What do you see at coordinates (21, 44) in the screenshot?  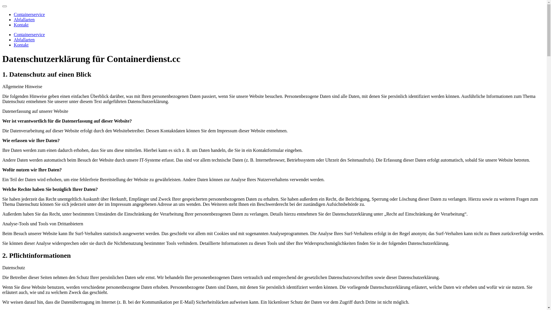 I see `'Kontakt'` at bounding box center [21, 44].